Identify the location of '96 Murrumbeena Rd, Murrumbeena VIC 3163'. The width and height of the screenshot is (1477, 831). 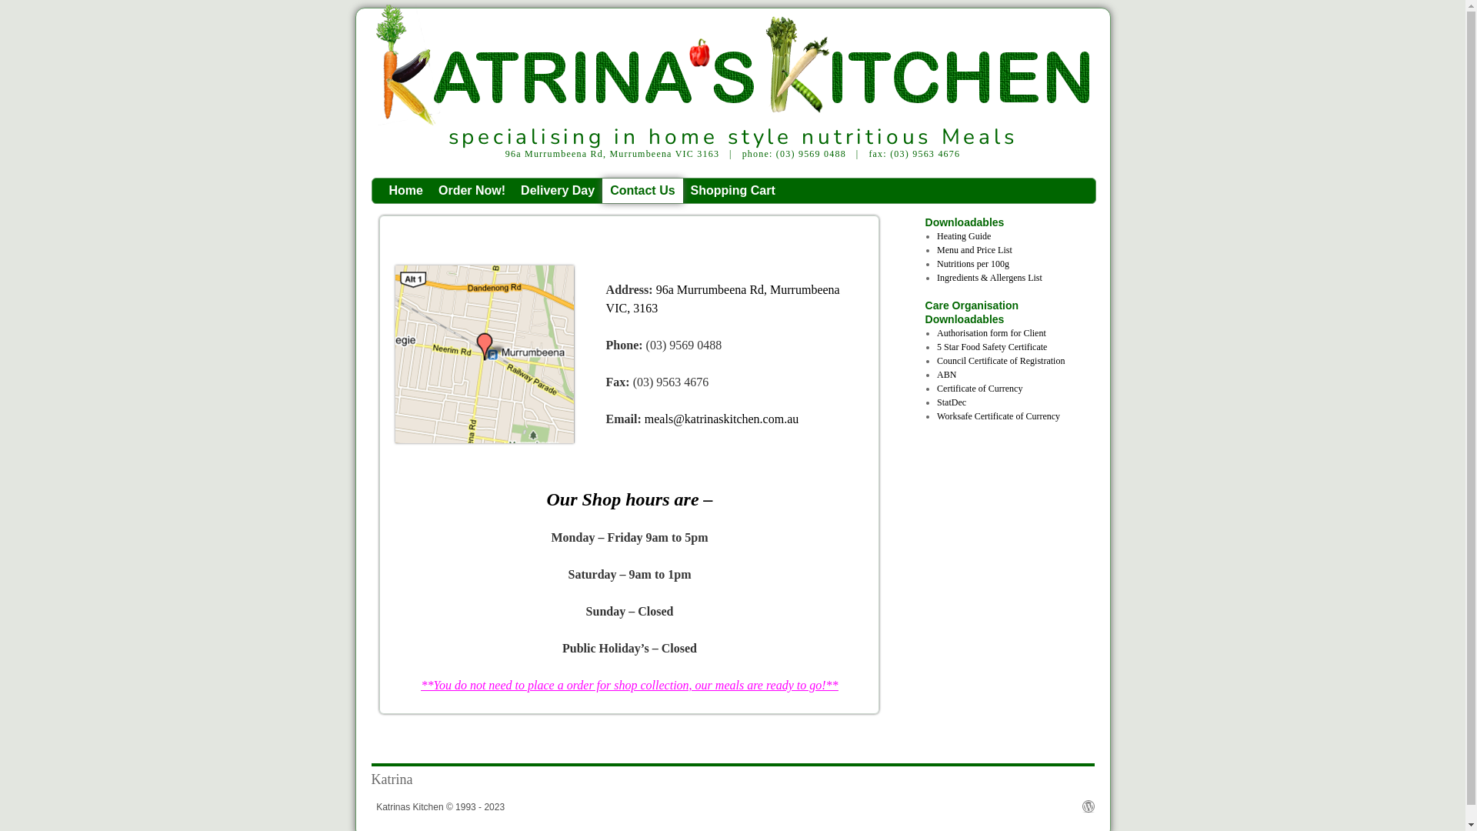
(484, 354).